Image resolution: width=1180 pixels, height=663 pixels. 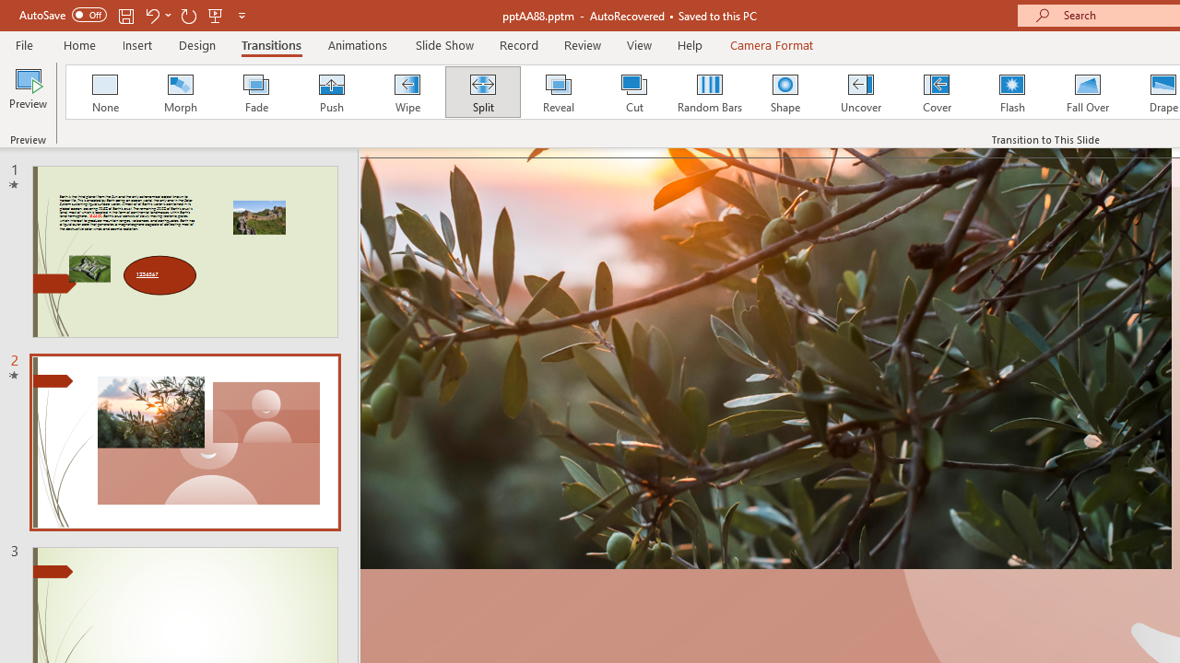 What do you see at coordinates (1088, 92) in the screenshot?
I see `'Fall Over'` at bounding box center [1088, 92].